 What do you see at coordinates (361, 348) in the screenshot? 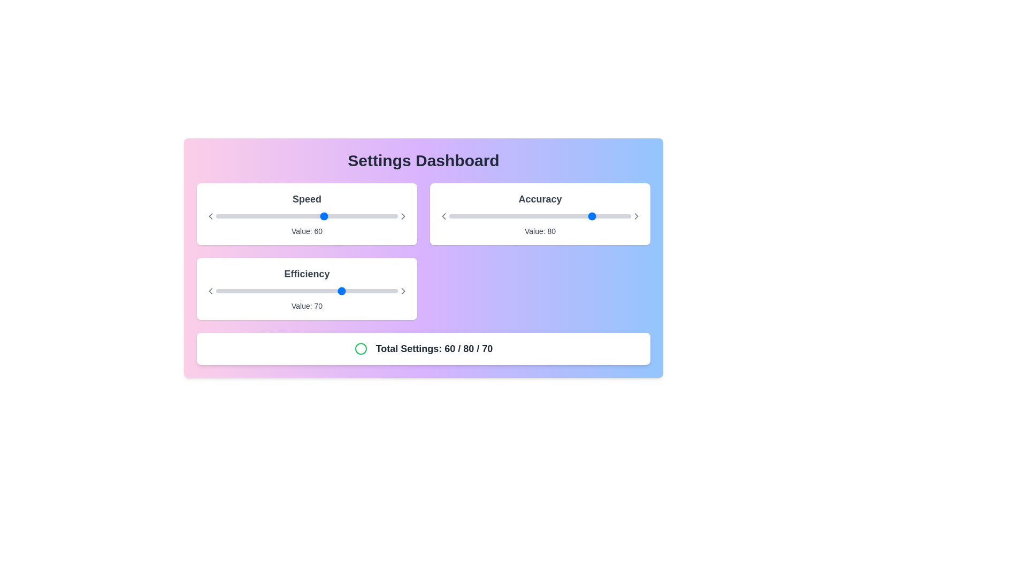
I see `the graphical icon (circle) that visually represents a status or category, located to the left of the text 'Total Settings: 60 / 80 / 70'` at bounding box center [361, 348].